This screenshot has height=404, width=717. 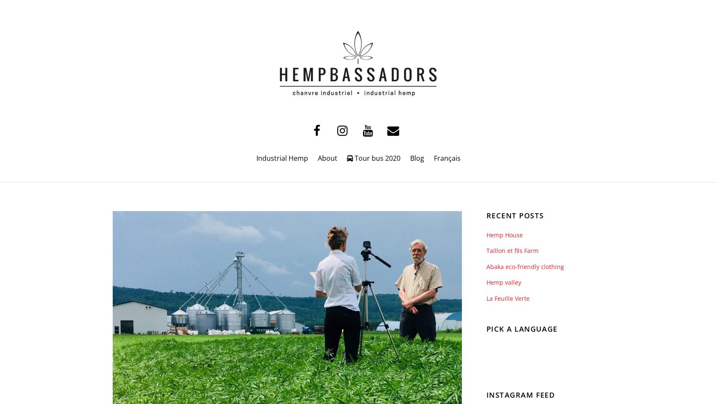 I want to click on 'Abaka eco-friendly clothing', so click(x=525, y=266).